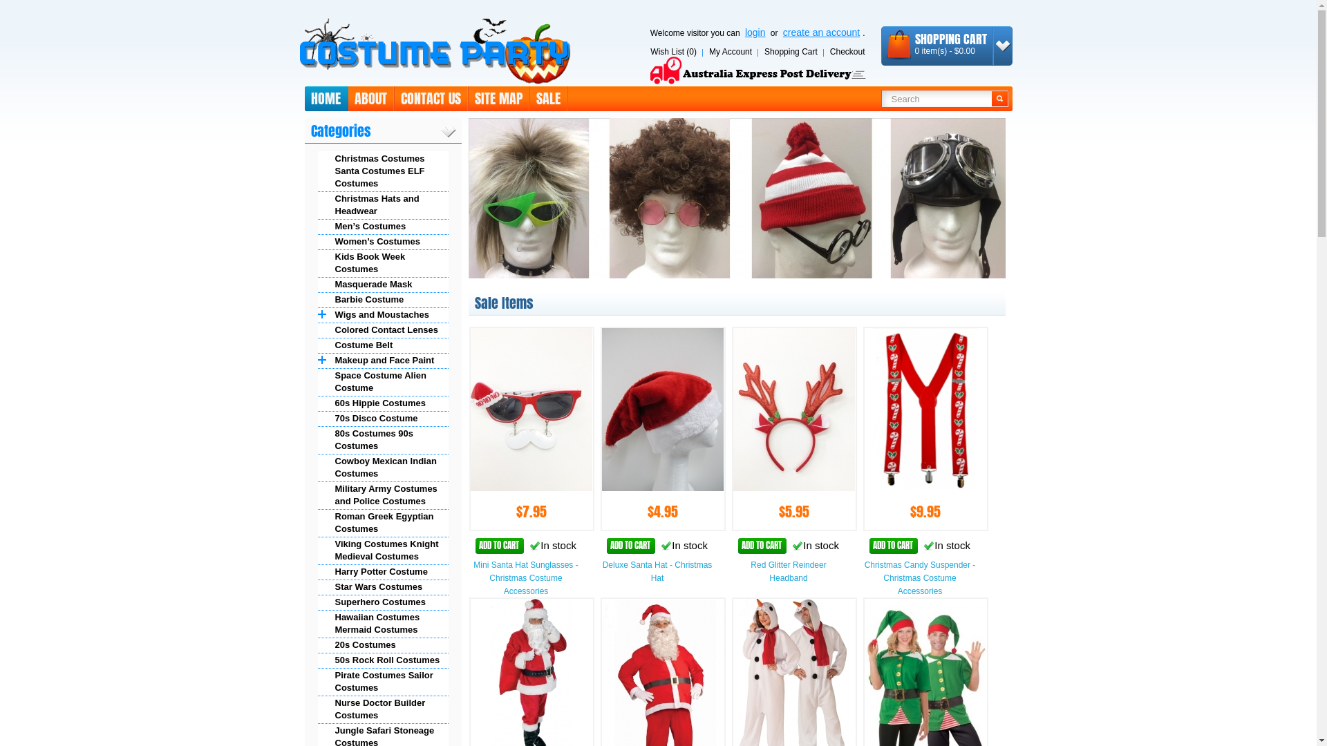 The image size is (1327, 746). What do you see at coordinates (325, 97) in the screenshot?
I see `'HOME'` at bounding box center [325, 97].